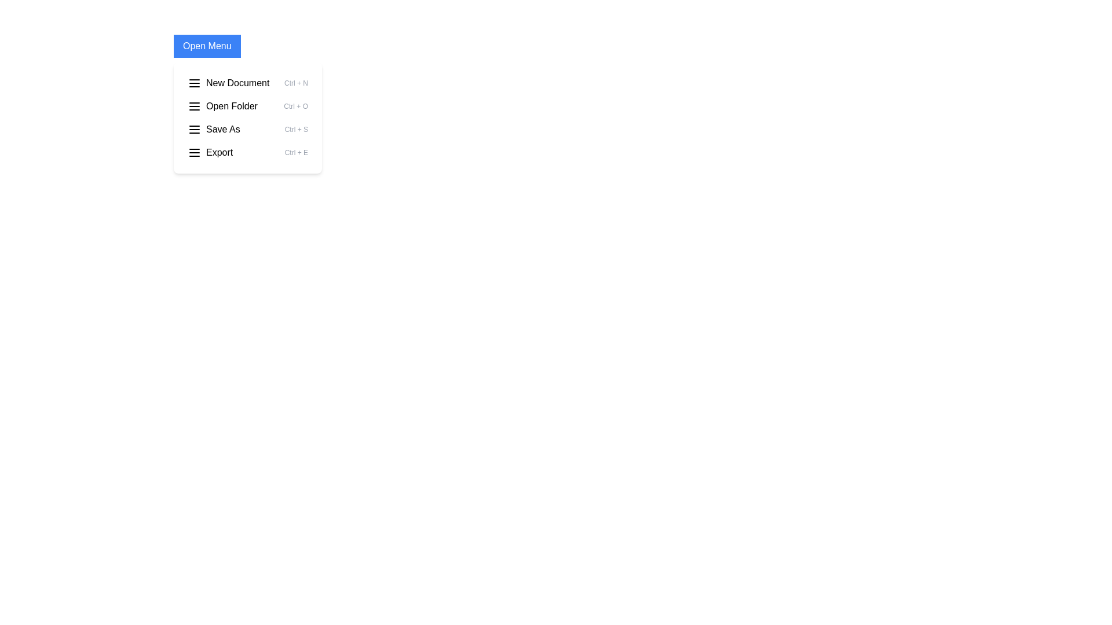 This screenshot has width=1112, height=625. Describe the element at coordinates (214, 129) in the screenshot. I see `the 'Save As' menu item, which is the third entry in the vertical navigation panel` at that location.